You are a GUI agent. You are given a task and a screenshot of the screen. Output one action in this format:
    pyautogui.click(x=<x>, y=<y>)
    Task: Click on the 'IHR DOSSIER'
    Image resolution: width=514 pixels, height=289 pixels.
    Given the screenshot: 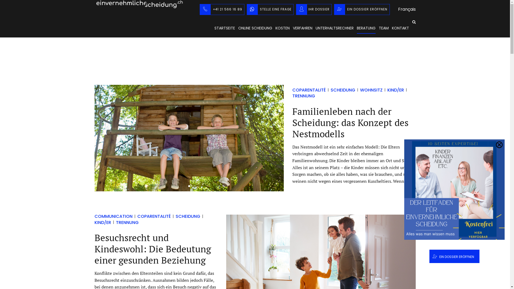 What is the action you would take?
    pyautogui.click(x=314, y=9)
    